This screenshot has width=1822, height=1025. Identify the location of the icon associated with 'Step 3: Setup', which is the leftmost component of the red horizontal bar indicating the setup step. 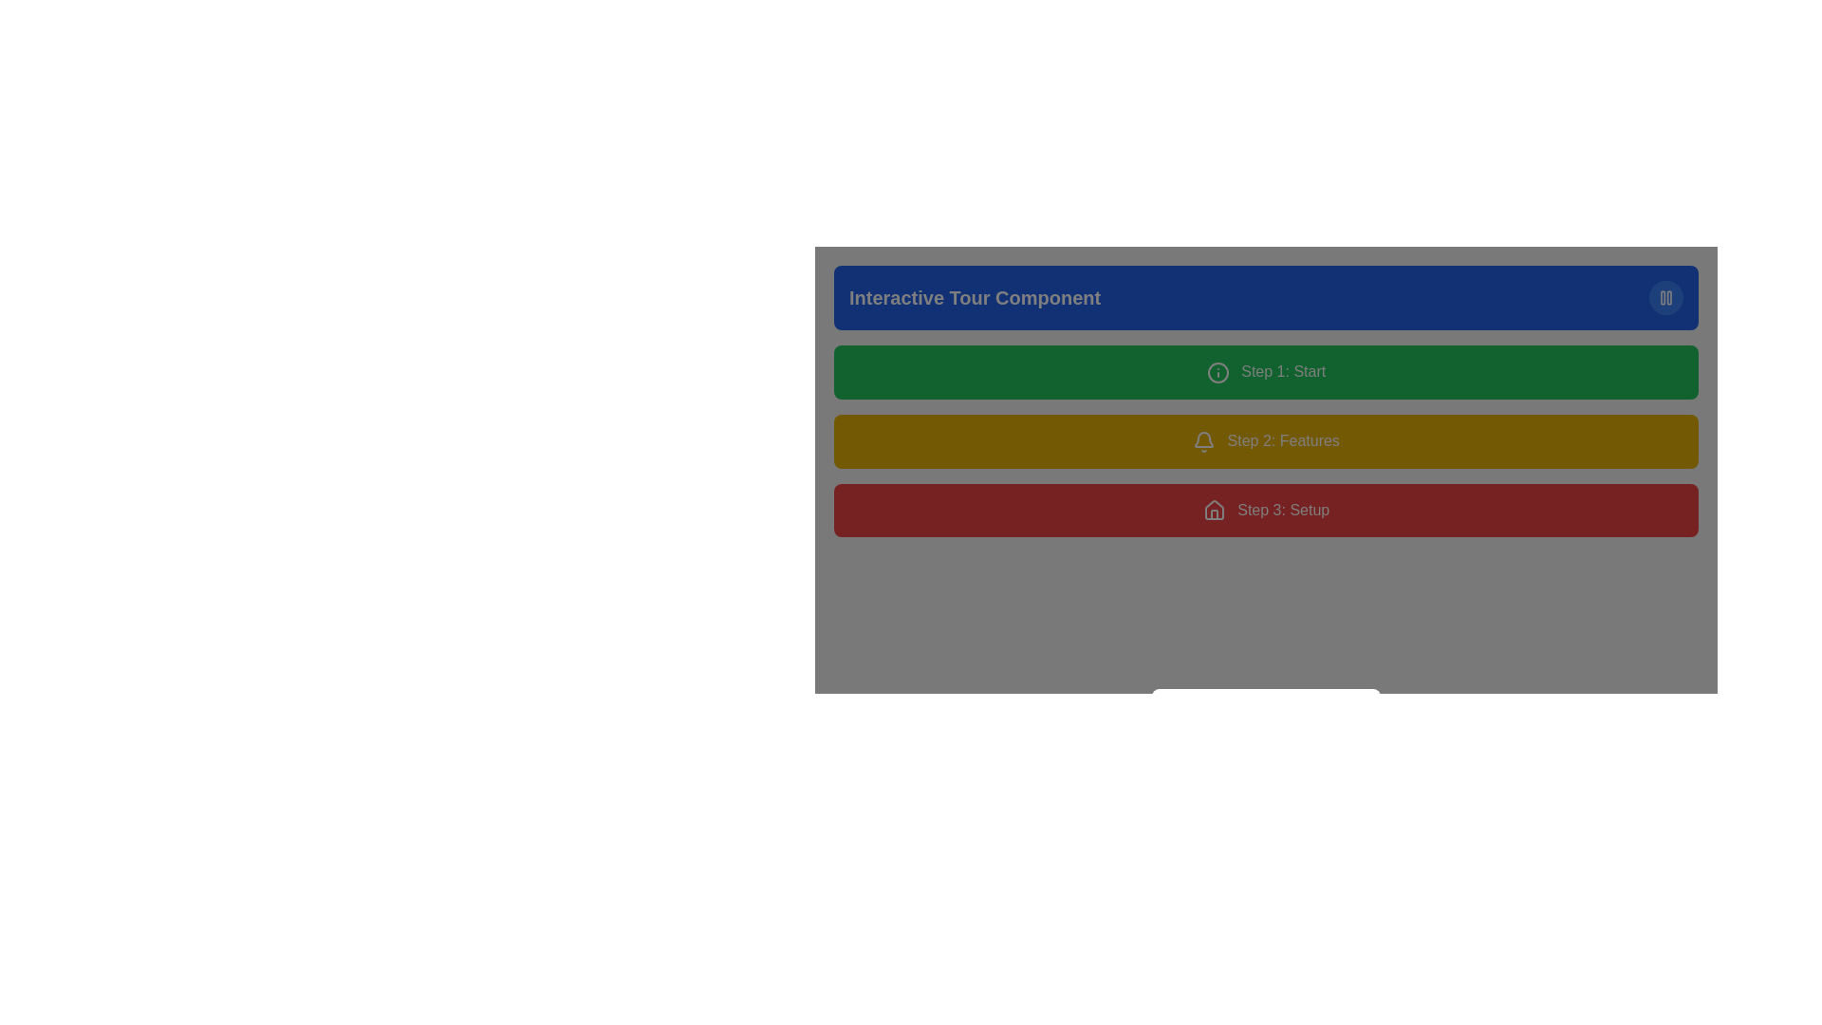
(1213, 510).